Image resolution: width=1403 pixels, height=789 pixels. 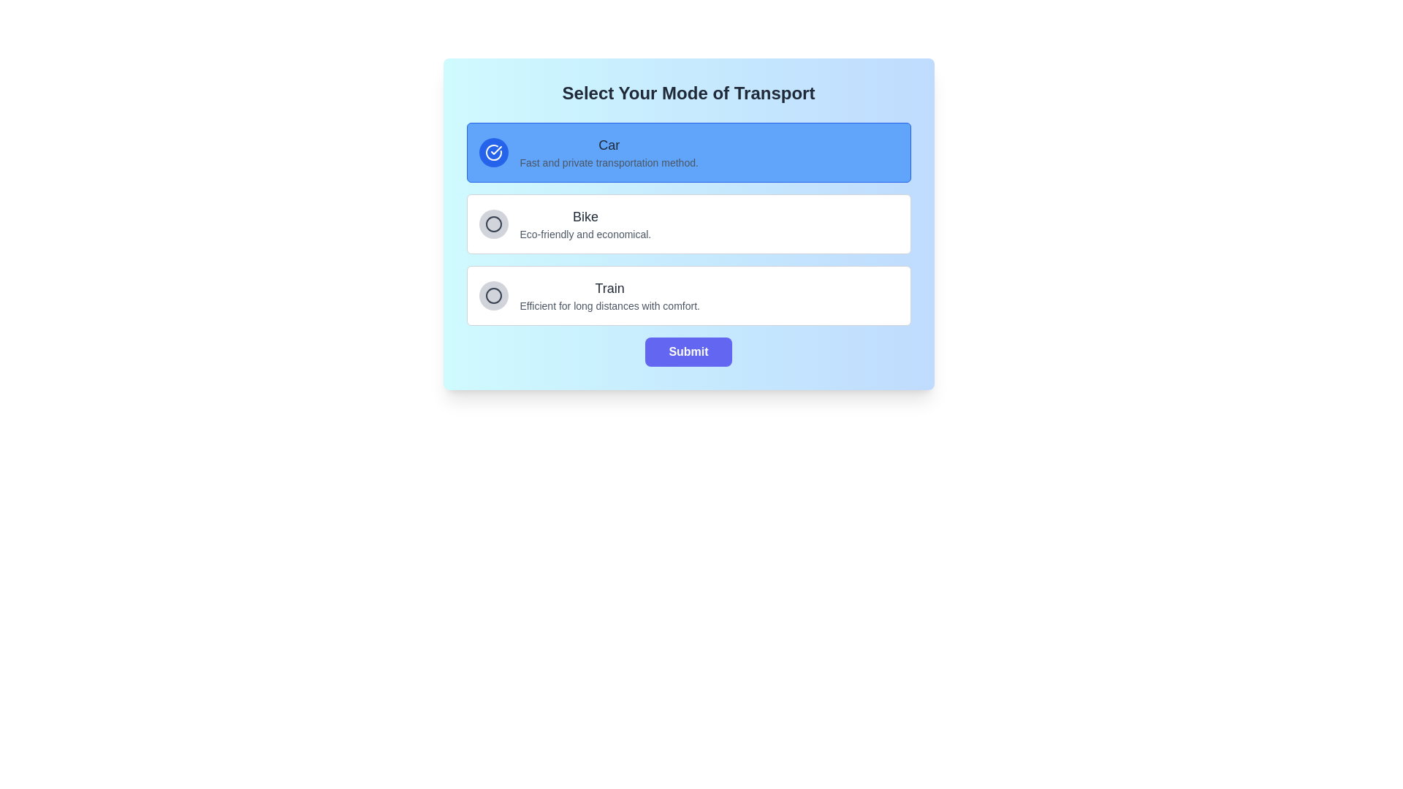 I want to click on the Label displaying 'Bike', which is a bold, dark gray text element indicating a transport mode, positioned above a descriptive text and centered horizontally within the second row of options, so click(x=585, y=217).